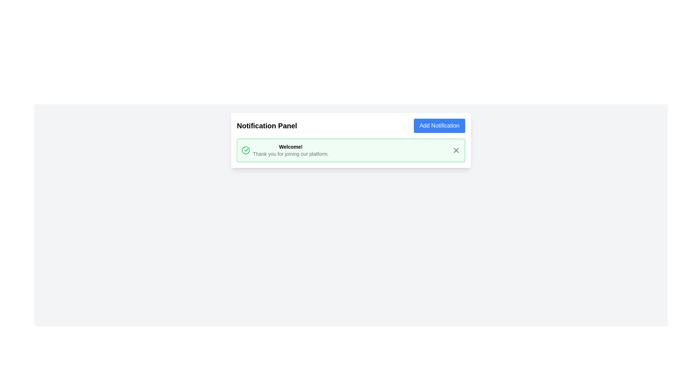  What do you see at coordinates (247, 149) in the screenshot?
I see `the green checkmark icon within the notification card that has a green border and light green background, located to the left of the bolded 'Welcome!' text` at bounding box center [247, 149].